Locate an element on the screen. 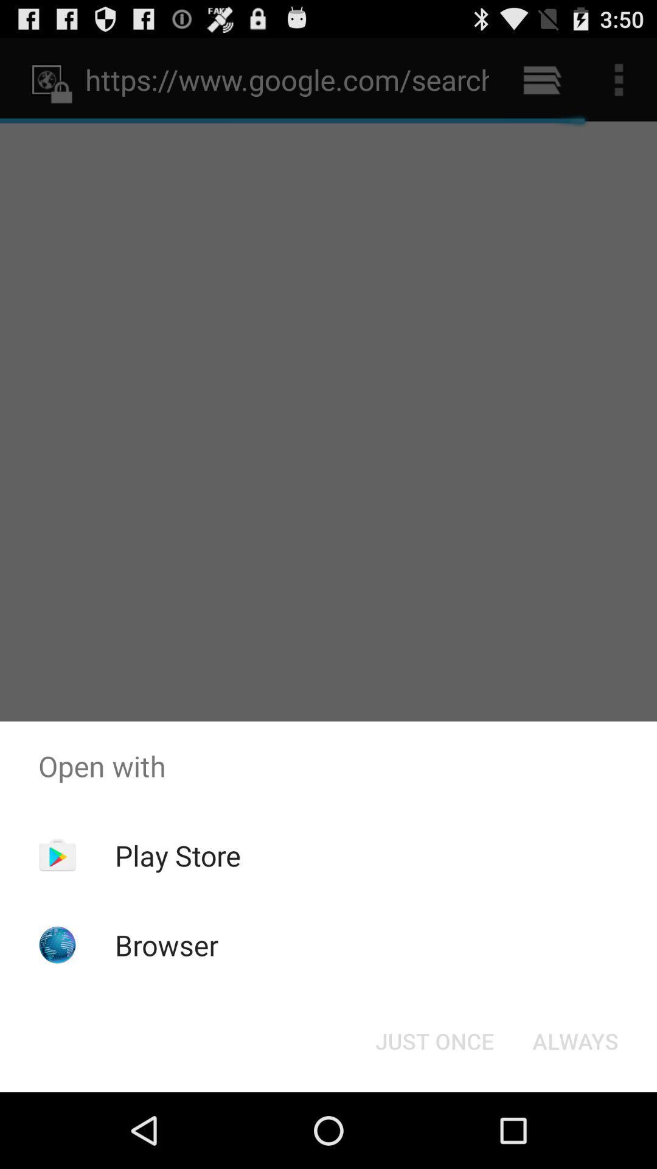  browser app is located at coordinates (167, 944).